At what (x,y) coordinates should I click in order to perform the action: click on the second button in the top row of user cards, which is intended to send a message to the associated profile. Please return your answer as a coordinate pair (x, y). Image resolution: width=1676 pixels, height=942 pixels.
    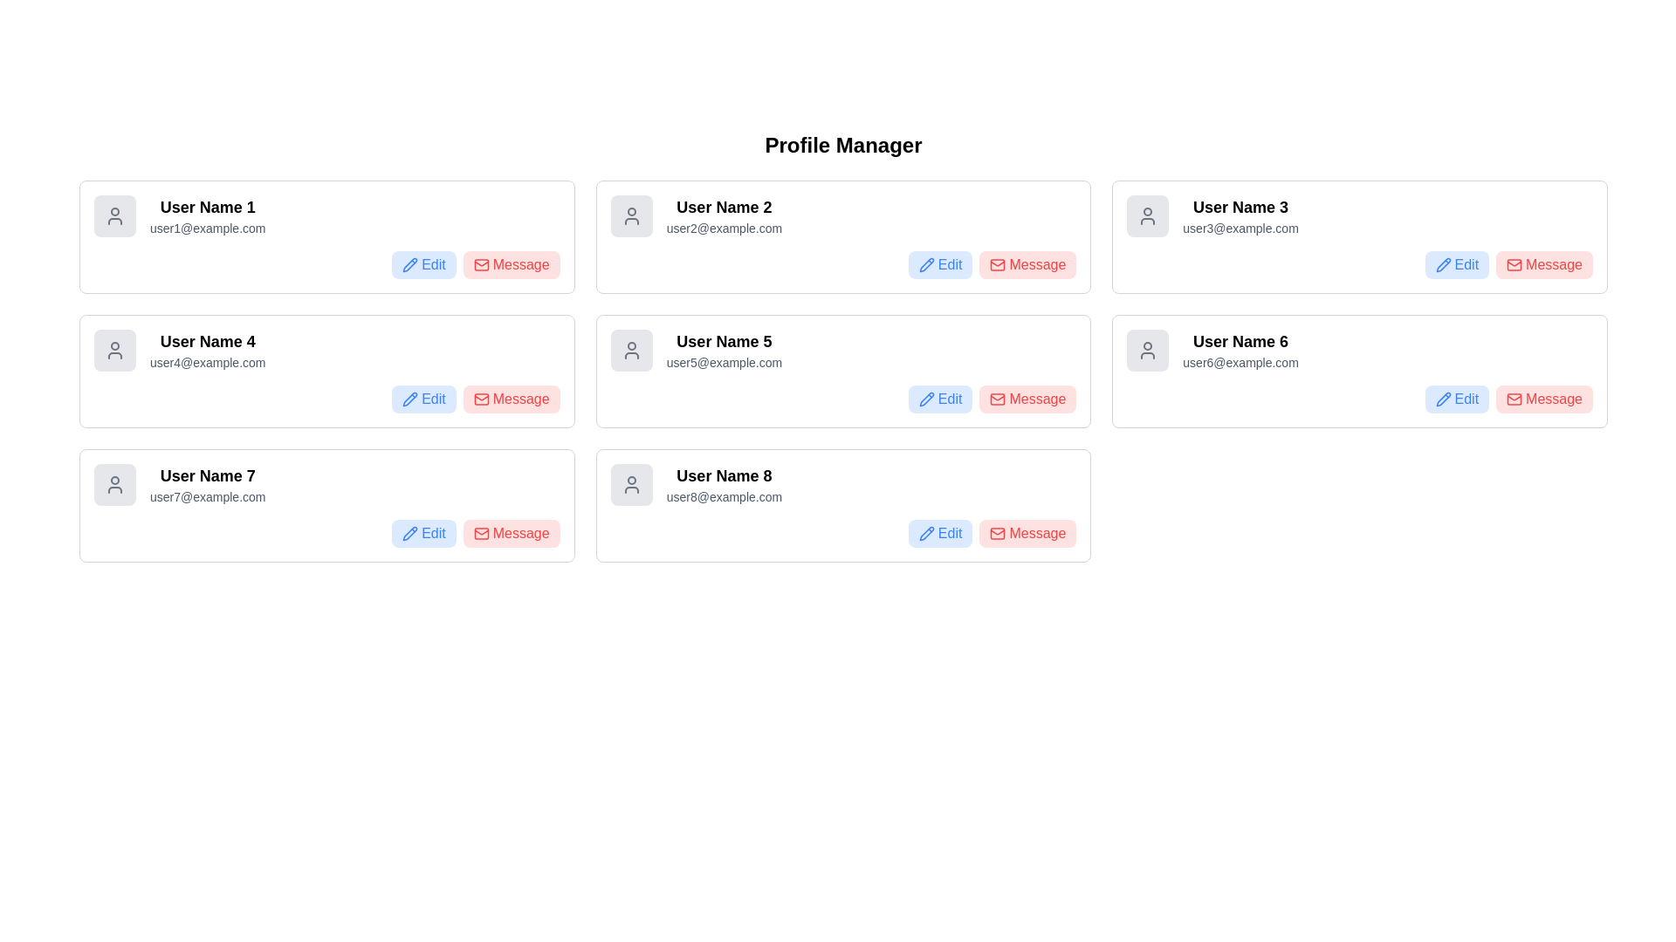
    Looking at the image, I should click on (1027, 265).